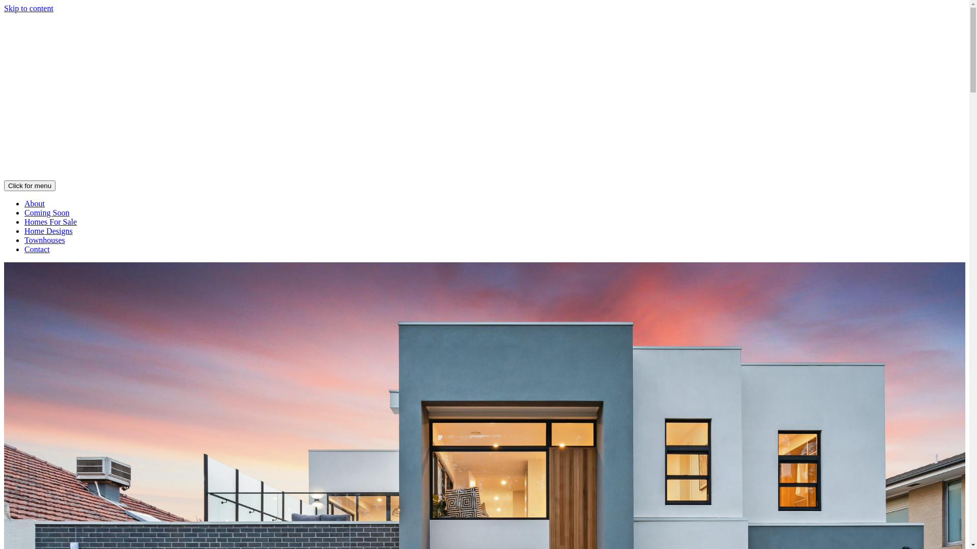  Describe the element at coordinates (30, 186) in the screenshot. I see `'Click for menu'` at that location.